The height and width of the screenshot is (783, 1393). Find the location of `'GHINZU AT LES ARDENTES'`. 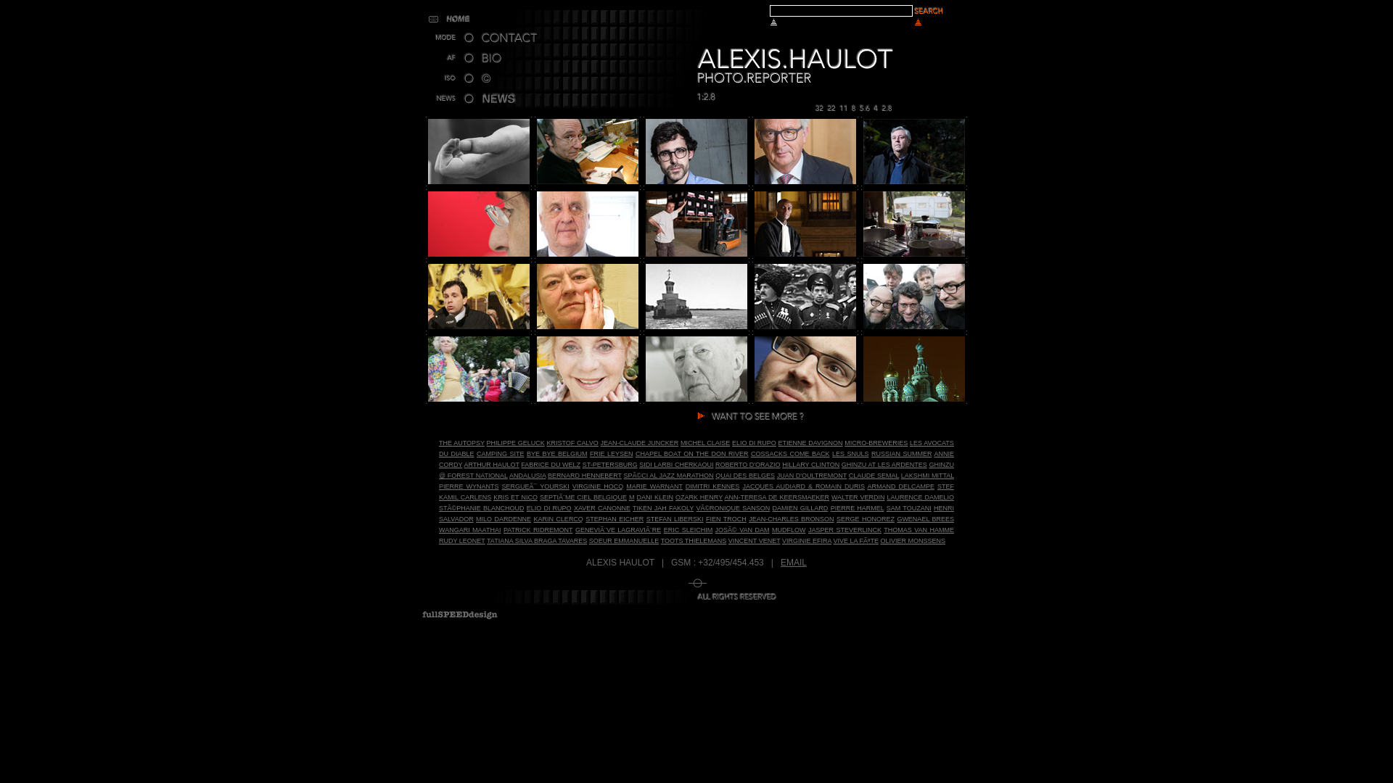

'GHINZU AT LES ARDENTES' is located at coordinates (884, 464).